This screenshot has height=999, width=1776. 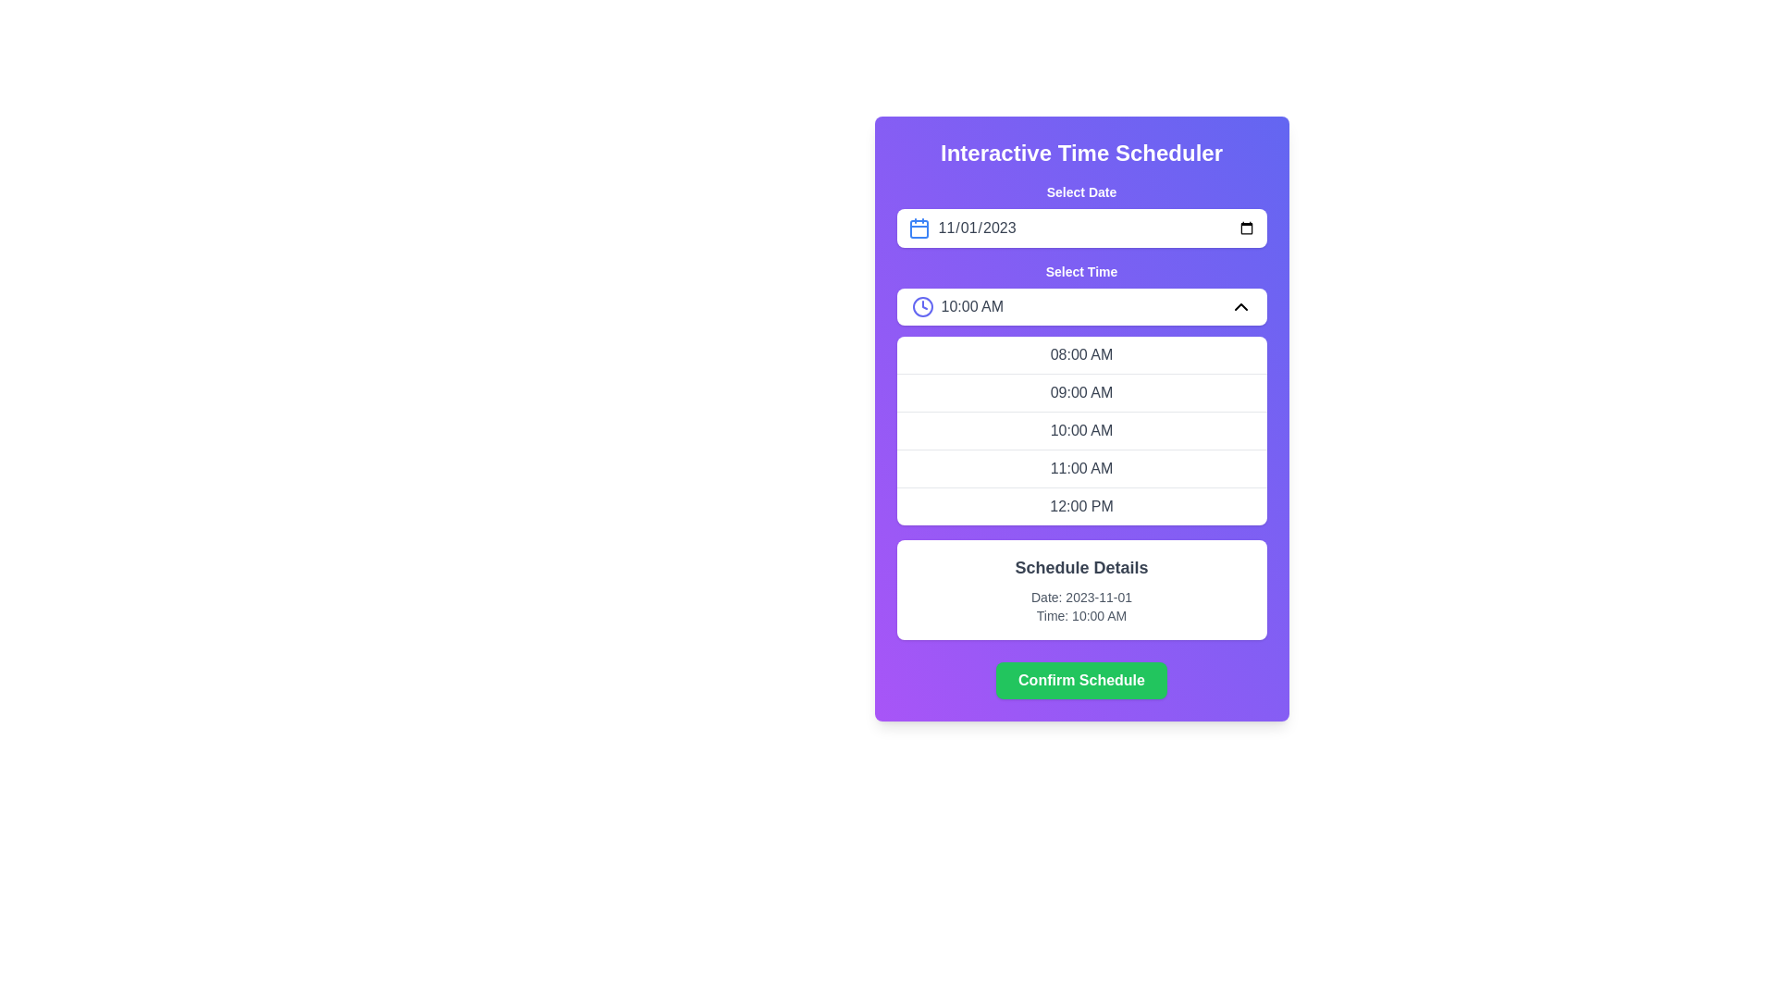 What do you see at coordinates (919, 227) in the screenshot?
I see `the calendar icon with a blue outline representing a square with rounded corners, located in the 'Select Date' section to the left of the date input field` at bounding box center [919, 227].